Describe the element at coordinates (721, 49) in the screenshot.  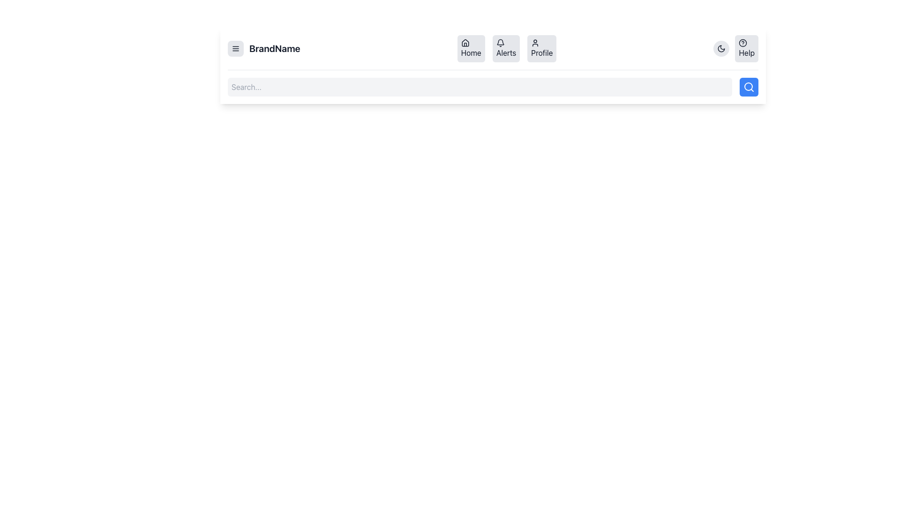
I see `the circular dark mode toggle button with a moon-shaped icon located in the top navigation bar` at that location.